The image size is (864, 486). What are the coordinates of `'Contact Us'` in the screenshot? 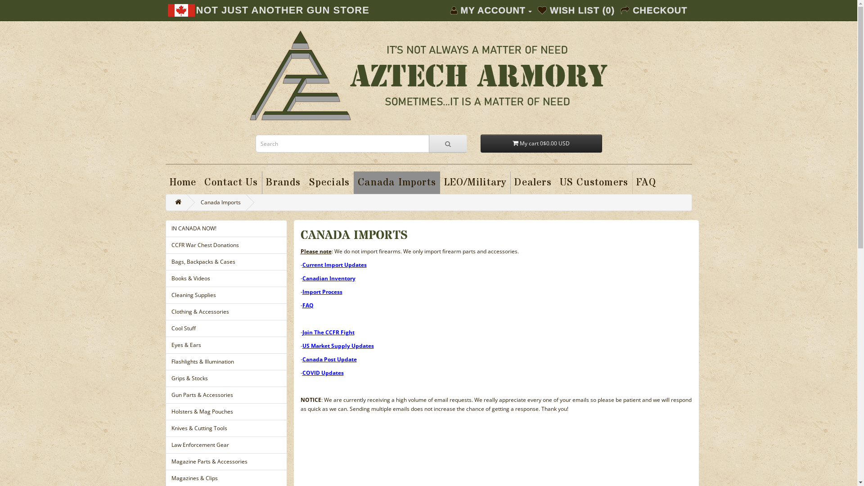 It's located at (231, 182).